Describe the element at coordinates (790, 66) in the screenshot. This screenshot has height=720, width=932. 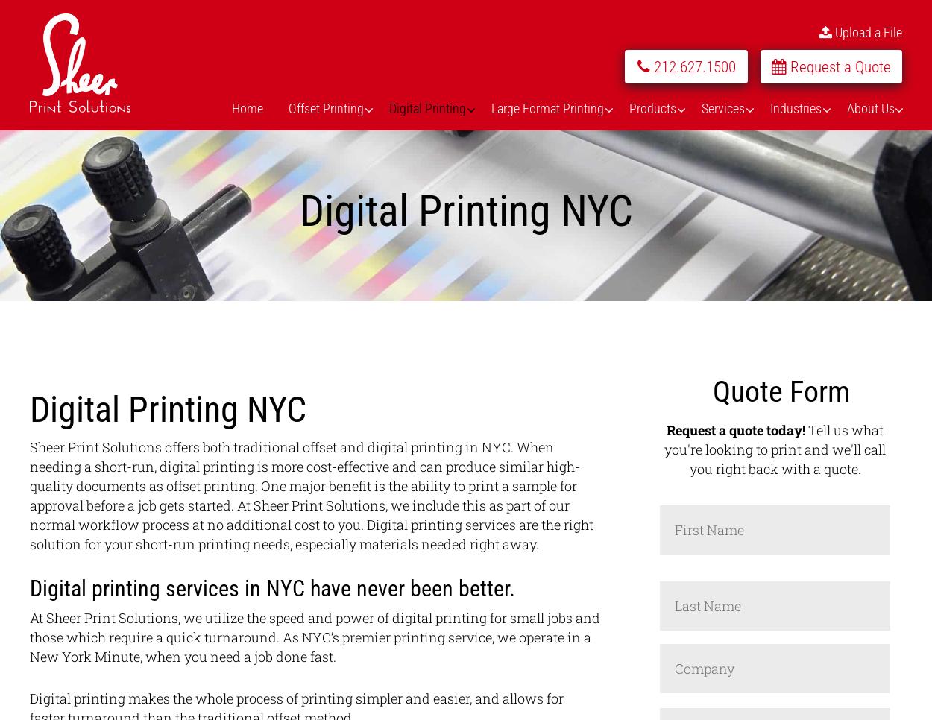
I see `'Request a Quote'` at that location.